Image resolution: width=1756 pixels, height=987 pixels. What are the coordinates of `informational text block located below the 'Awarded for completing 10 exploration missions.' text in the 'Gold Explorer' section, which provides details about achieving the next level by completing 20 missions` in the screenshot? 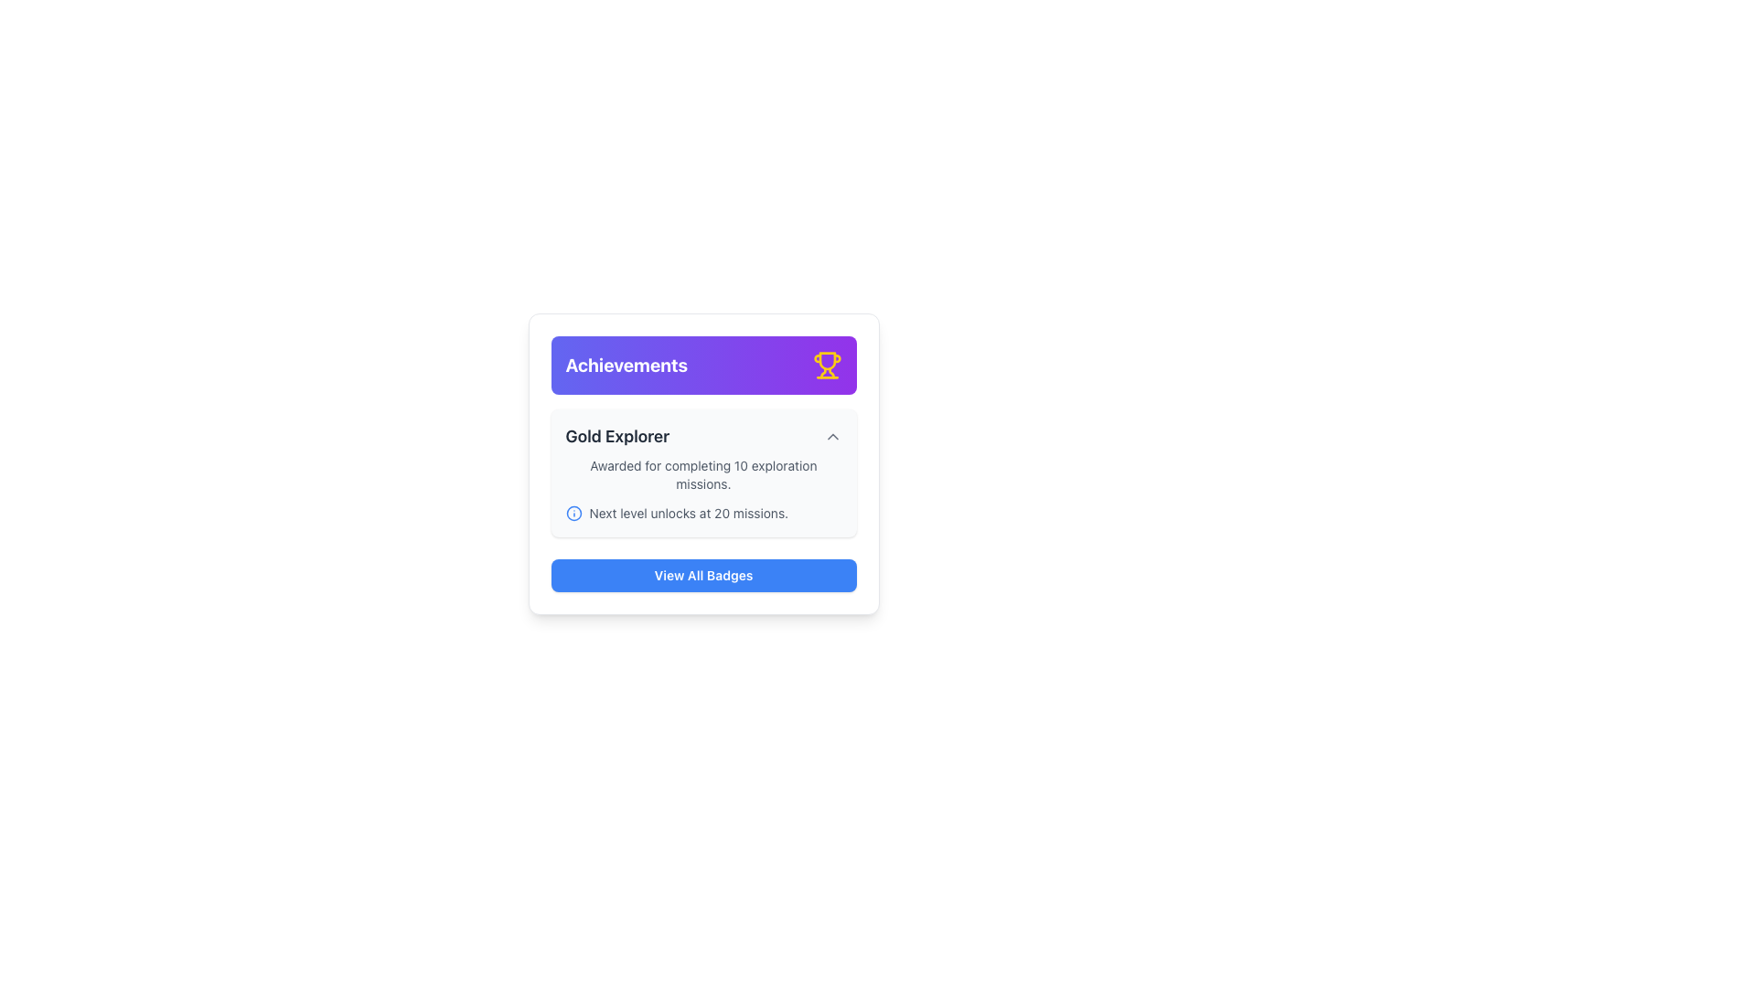 It's located at (702, 514).